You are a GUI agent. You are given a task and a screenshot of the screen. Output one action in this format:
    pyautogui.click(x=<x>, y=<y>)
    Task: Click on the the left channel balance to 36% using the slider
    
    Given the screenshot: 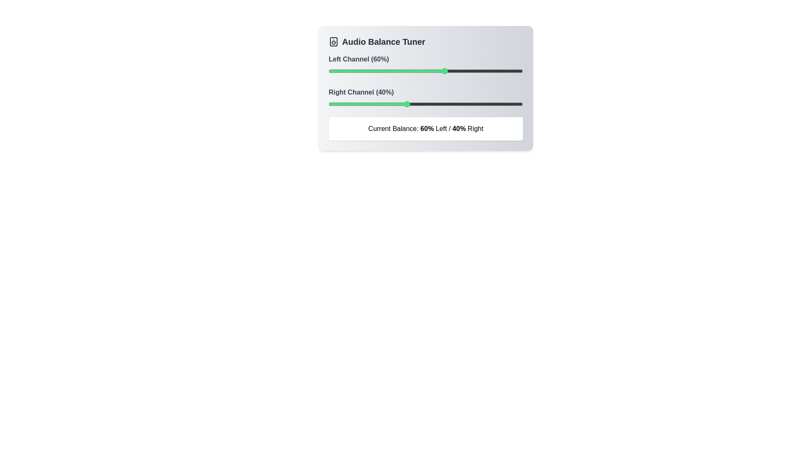 What is the action you would take?
    pyautogui.click(x=398, y=70)
    